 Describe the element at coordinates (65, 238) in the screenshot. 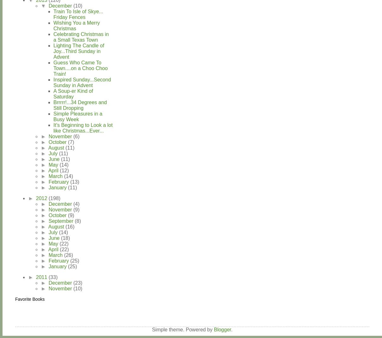

I see `'(18)'` at that location.